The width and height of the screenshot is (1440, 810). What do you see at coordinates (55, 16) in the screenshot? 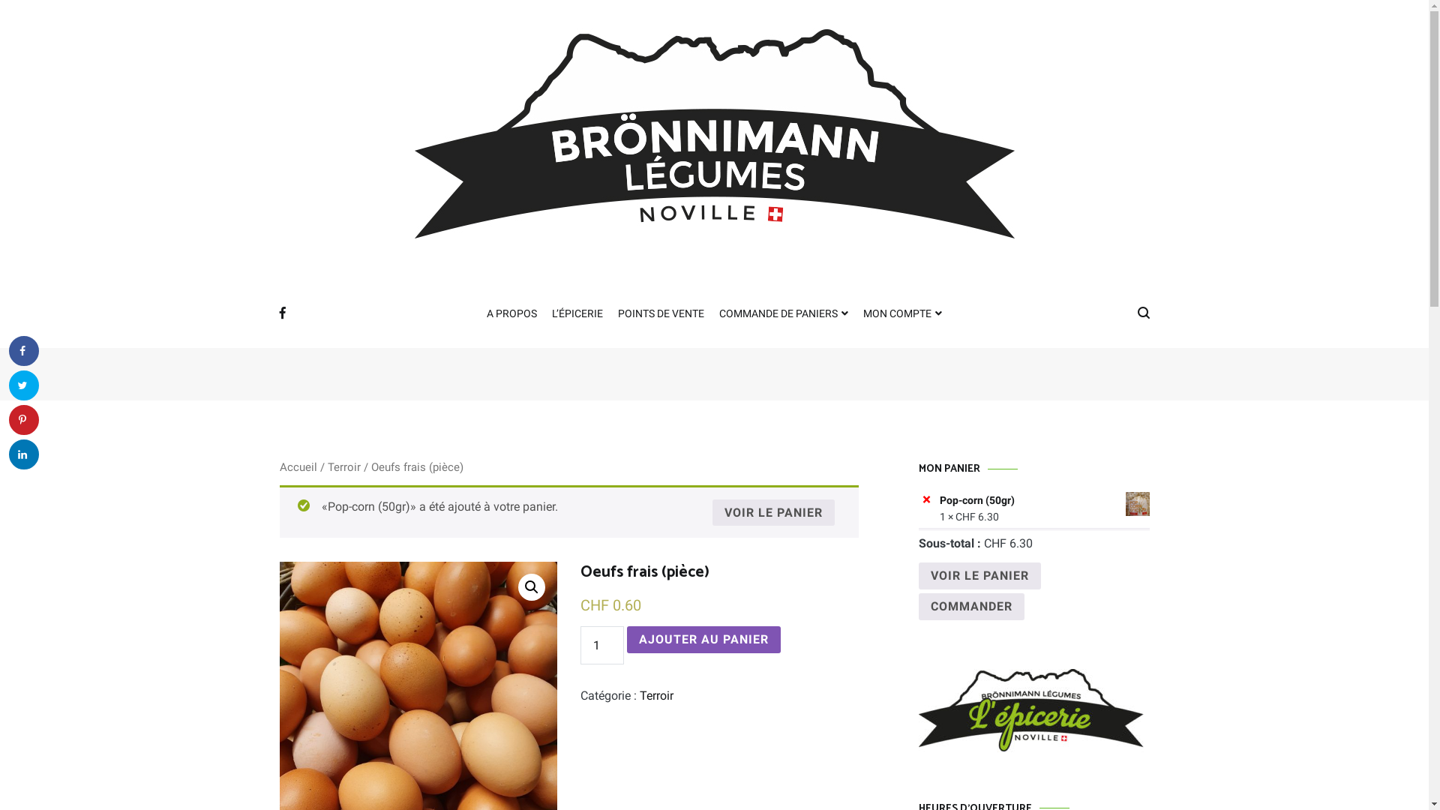
I see `'Rechercher'` at bounding box center [55, 16].